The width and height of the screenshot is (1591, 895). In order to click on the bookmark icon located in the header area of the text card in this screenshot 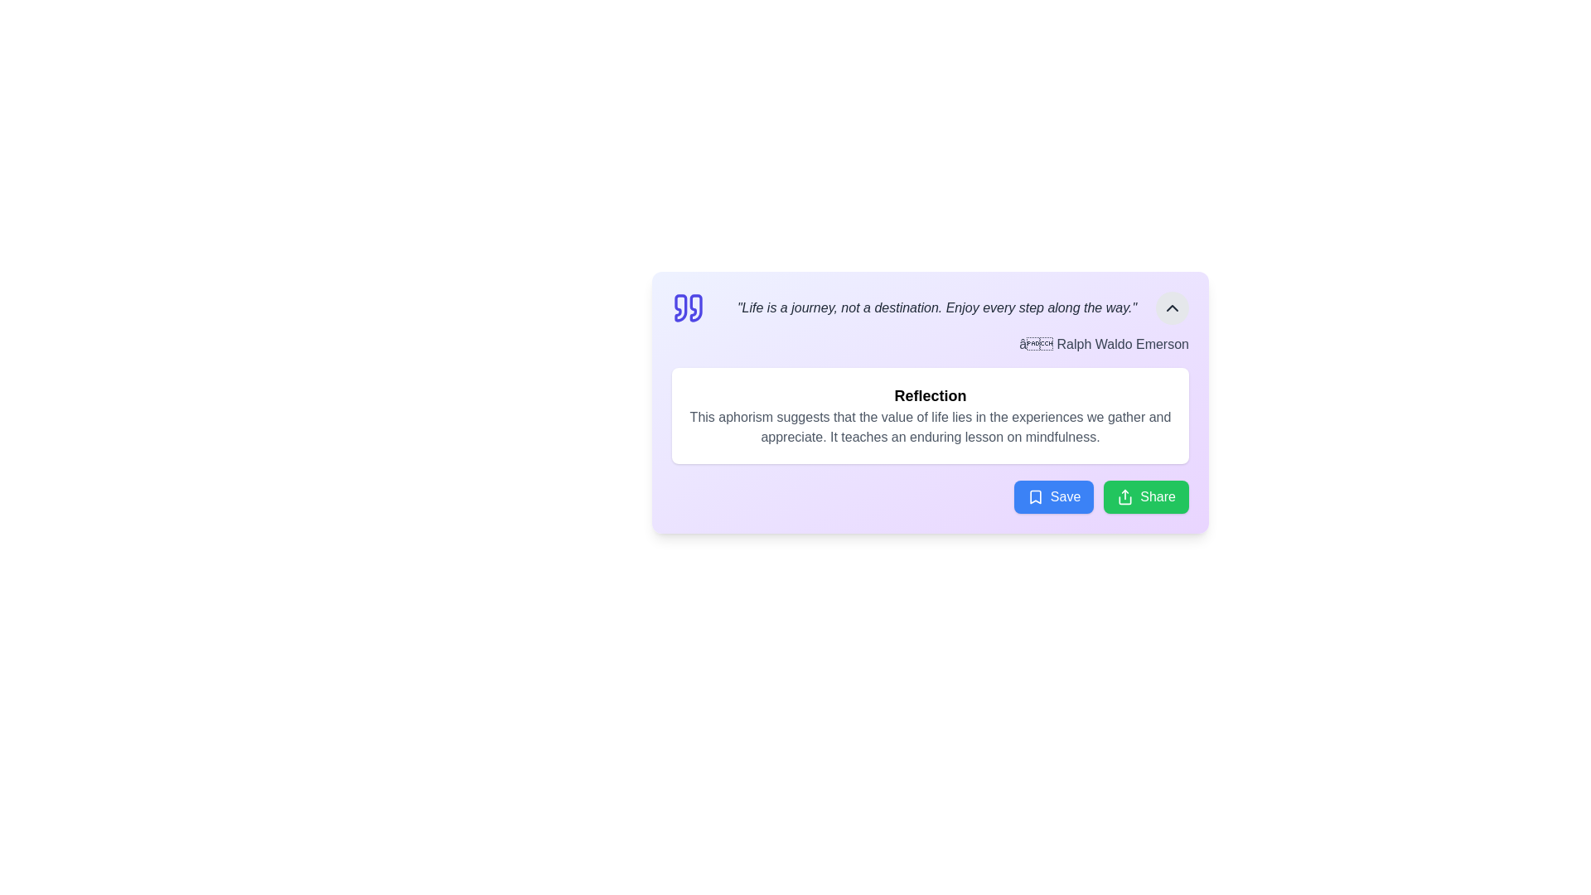, I will do `click(1034, 496)`.